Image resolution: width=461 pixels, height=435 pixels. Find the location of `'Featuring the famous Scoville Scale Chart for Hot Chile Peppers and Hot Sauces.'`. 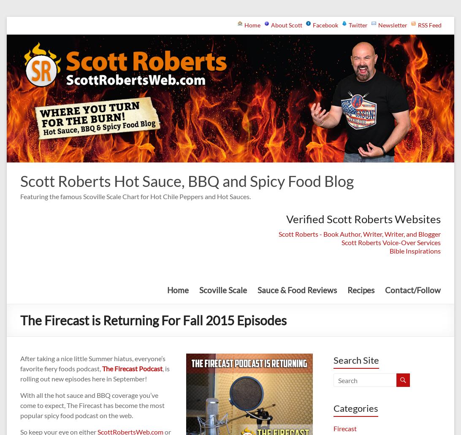

'Featuring the famous Scoville Scale Chart for Hot Chile Peppers and Hot Sauces.' is located at coordinates (136, 196).